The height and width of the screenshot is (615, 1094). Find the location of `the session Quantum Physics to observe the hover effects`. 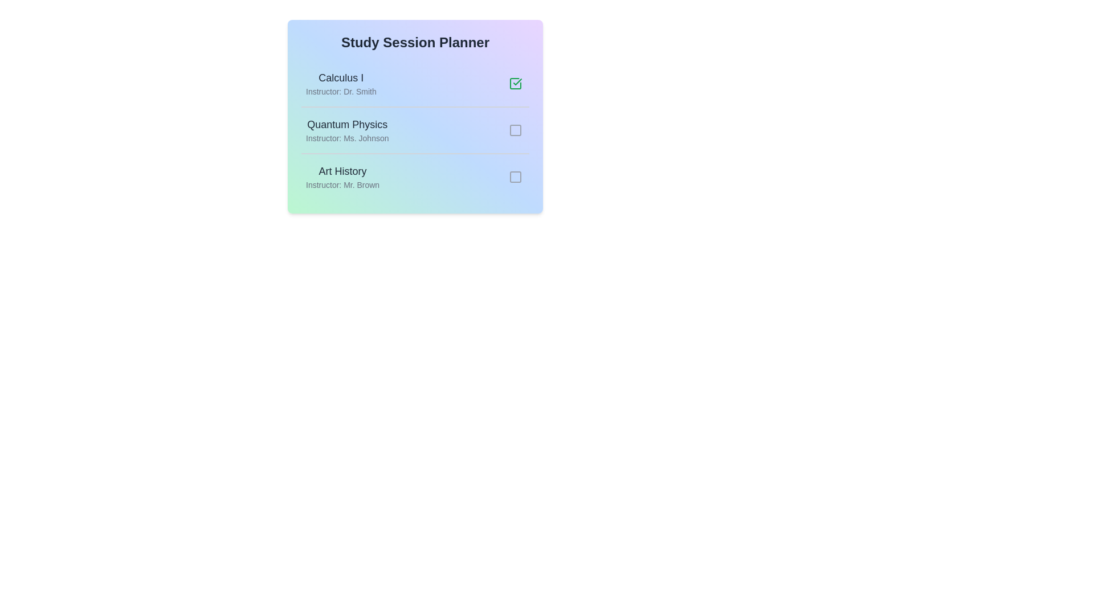

the session Quantum Physics to observe the hover effects is located at coordinates (415, 129).